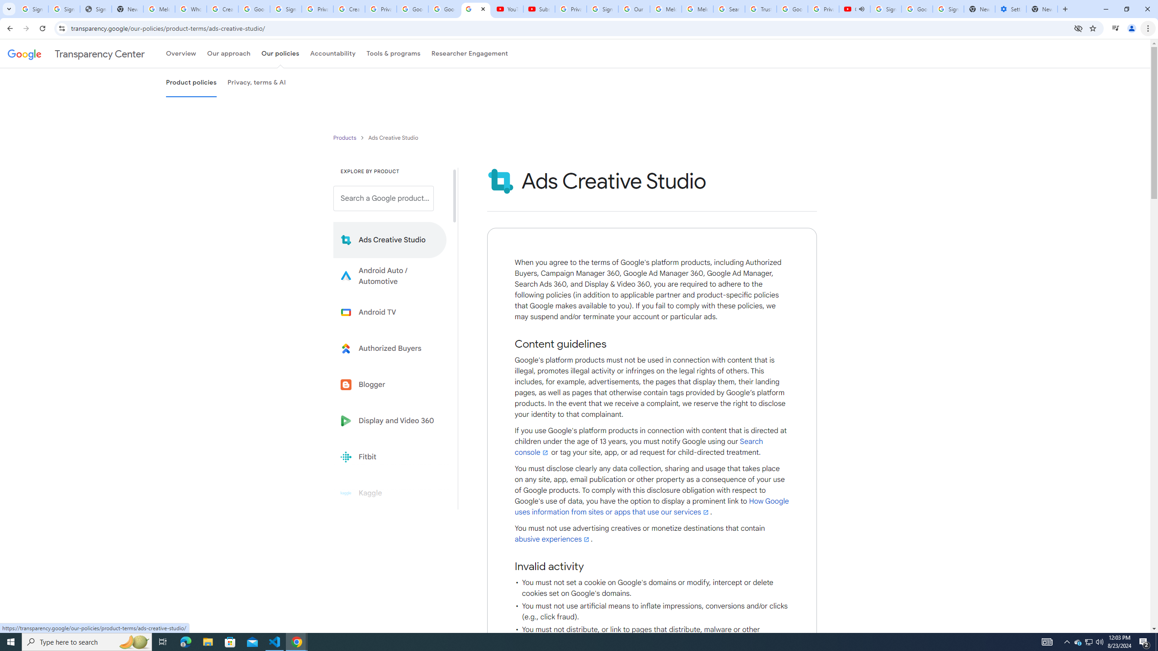  I want to click on 'Display and Video 360', so click(389, 420).